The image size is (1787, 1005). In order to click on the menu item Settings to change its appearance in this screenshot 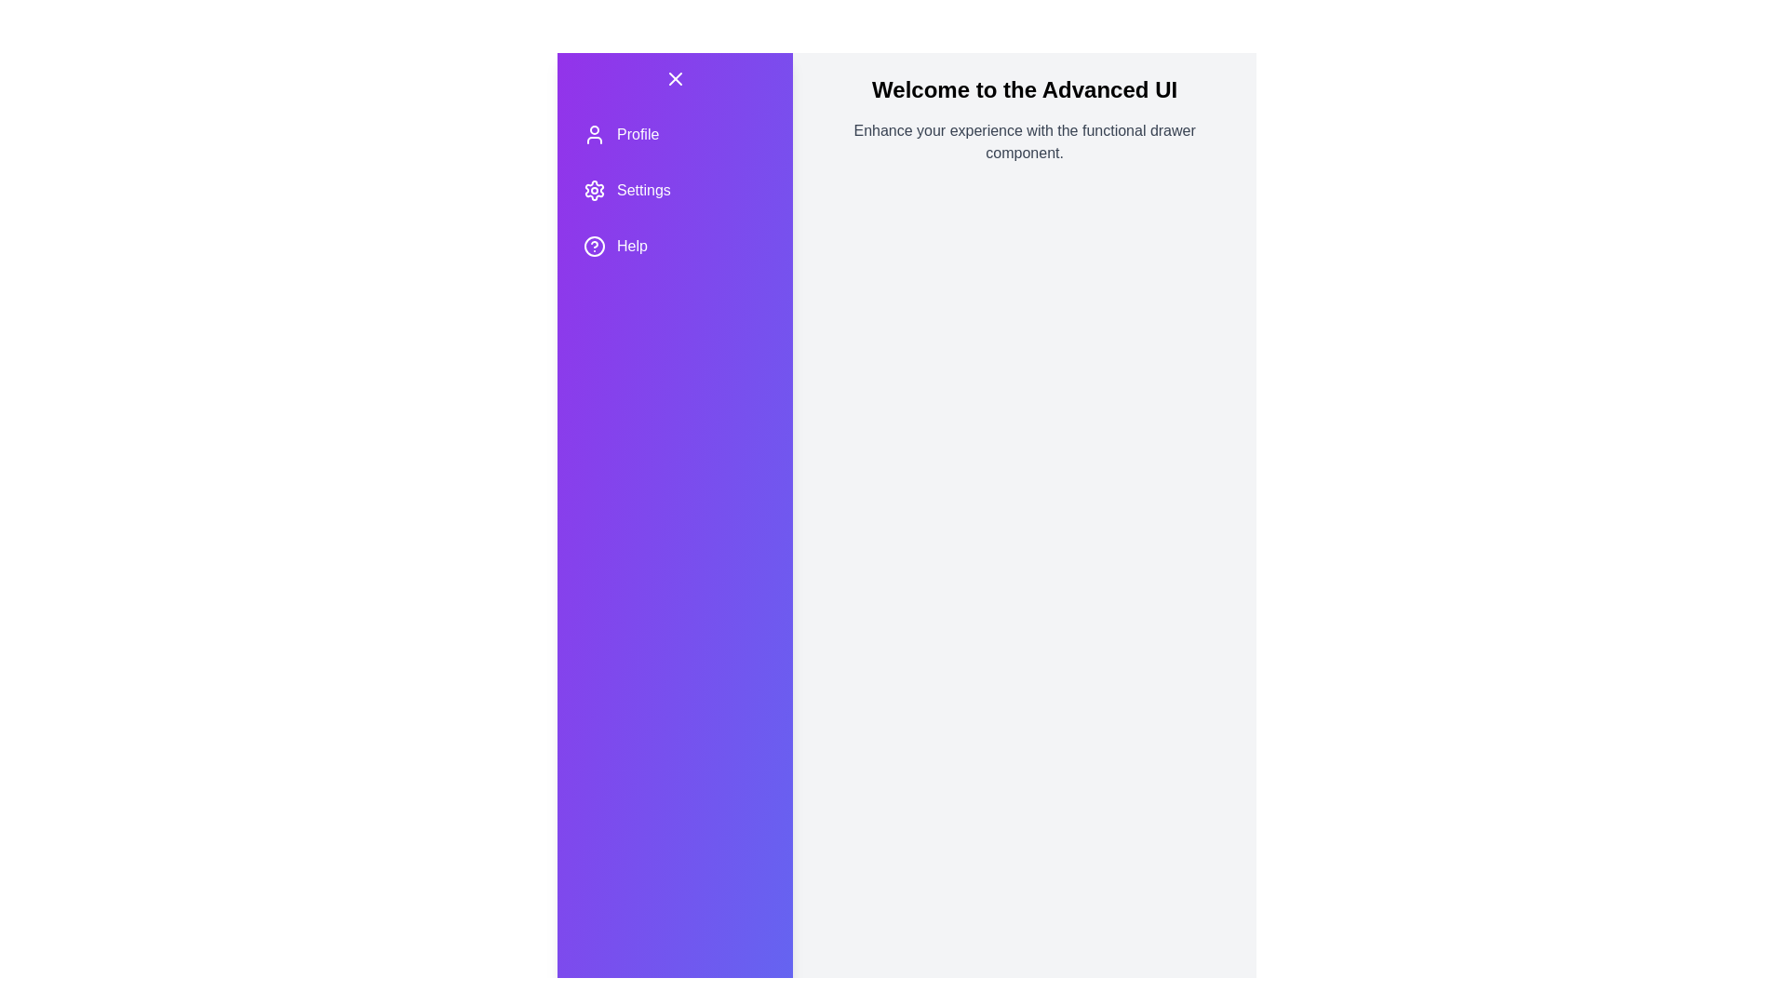, I will do `click(674, 190)`.